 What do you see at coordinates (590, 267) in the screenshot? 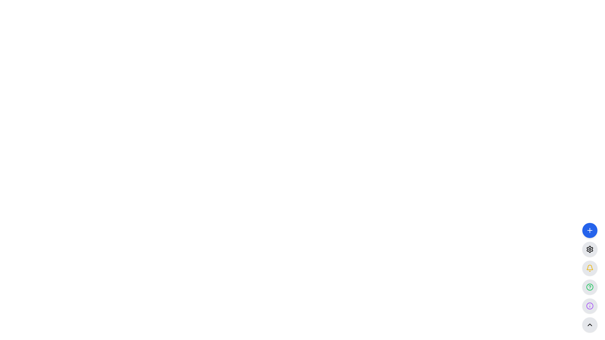
I see `the upper portion of the bell icon located` at bounding box center [590, 267].